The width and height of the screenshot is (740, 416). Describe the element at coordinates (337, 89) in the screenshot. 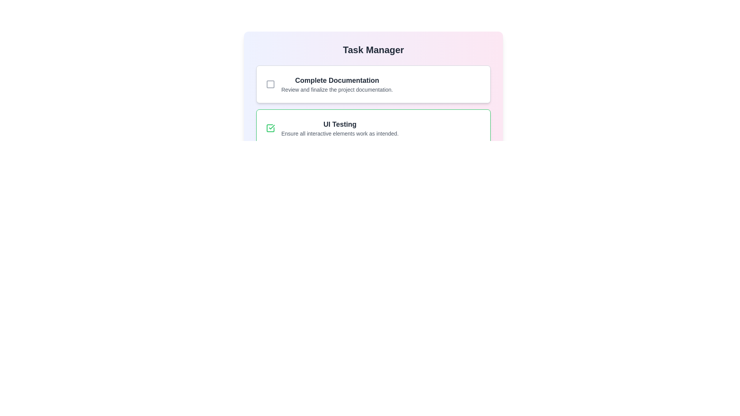

I see `text label that displays 'Review and finalize the project documentation.' which is styled in a smaller, gray font and is located beneath the bolded title 'Complete Documentation'` at that location.